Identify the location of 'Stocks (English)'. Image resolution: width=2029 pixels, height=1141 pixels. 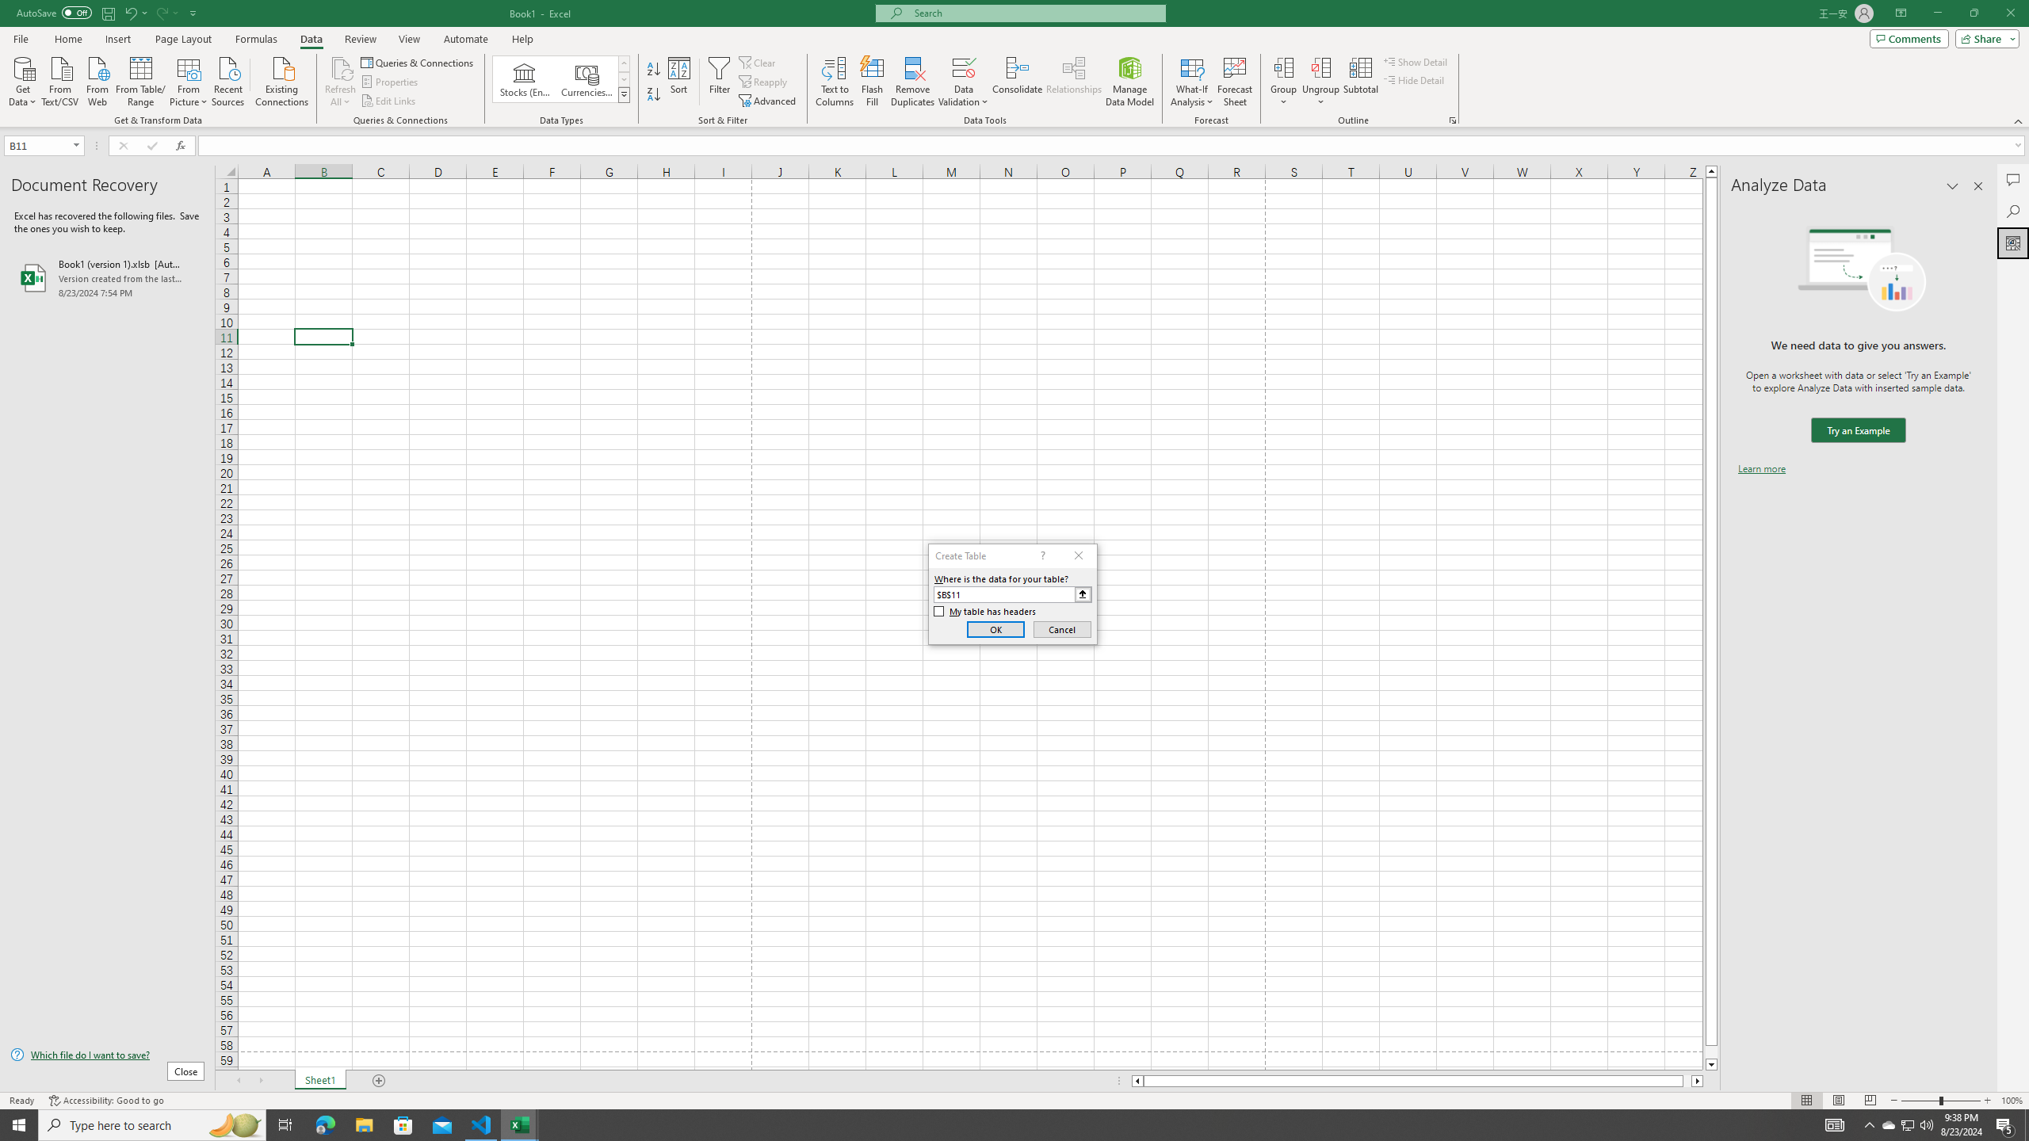
(523, 78).